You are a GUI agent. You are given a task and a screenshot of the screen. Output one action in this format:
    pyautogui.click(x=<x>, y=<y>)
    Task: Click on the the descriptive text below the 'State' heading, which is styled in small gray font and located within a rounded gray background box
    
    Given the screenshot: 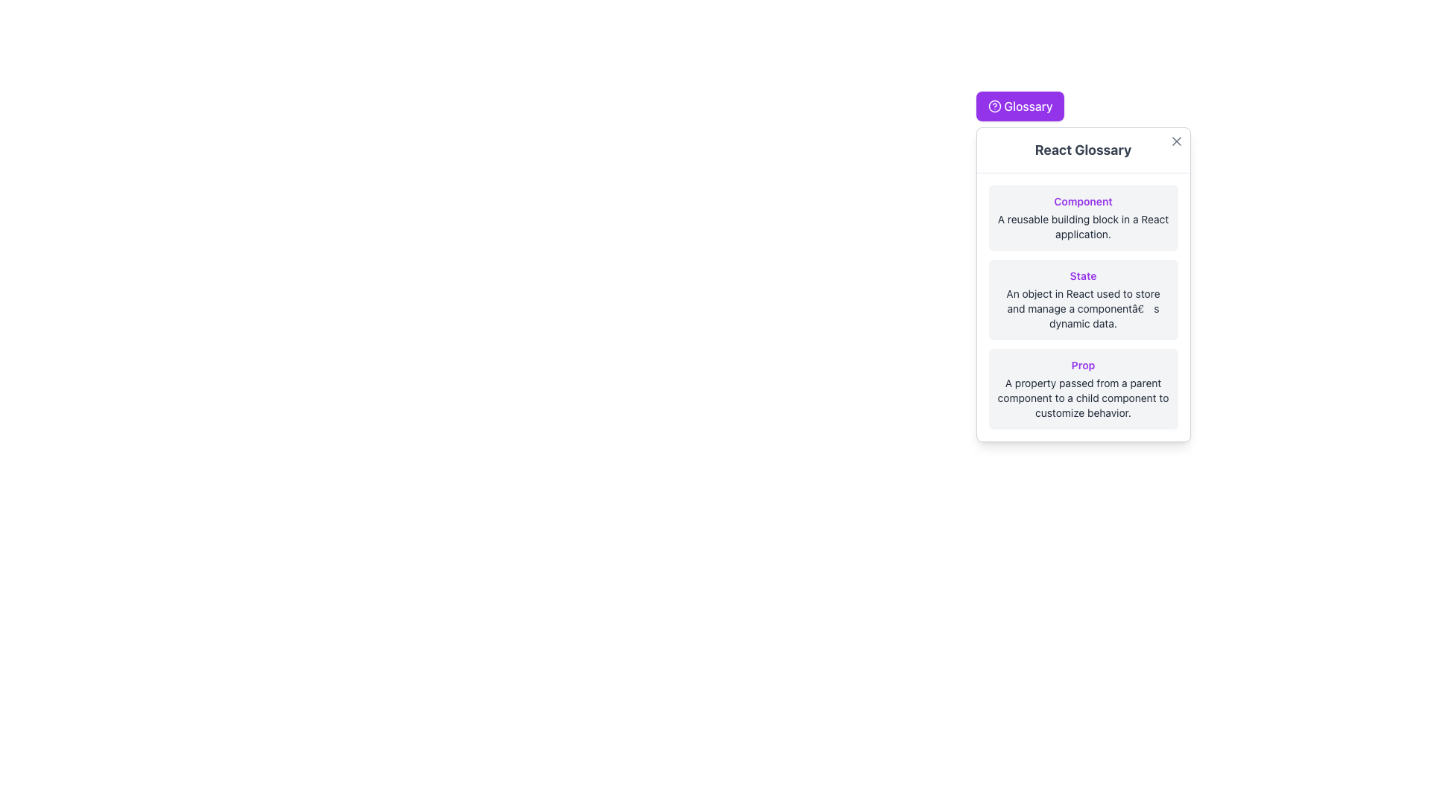 What is the action you would take?
    pyautogui.click(x=1083, y=308)
    